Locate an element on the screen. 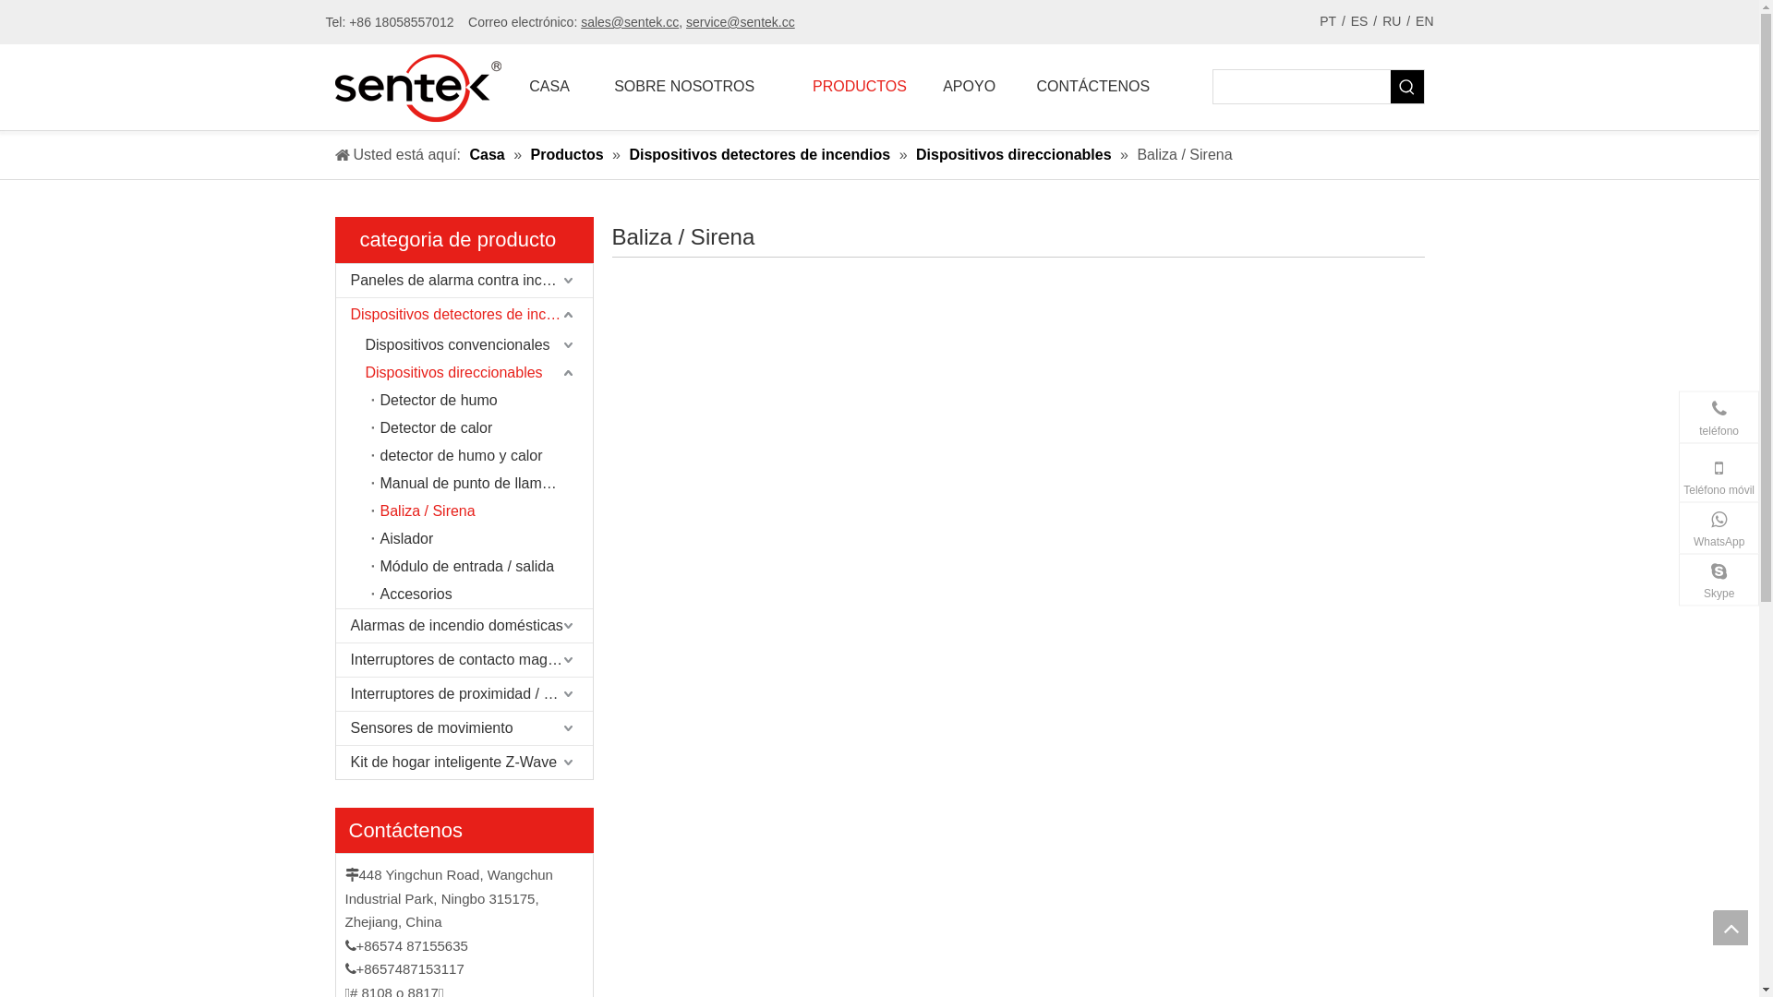  'Interruptores de proximidad / sensores Reed' is located at coordinates (464, 694).